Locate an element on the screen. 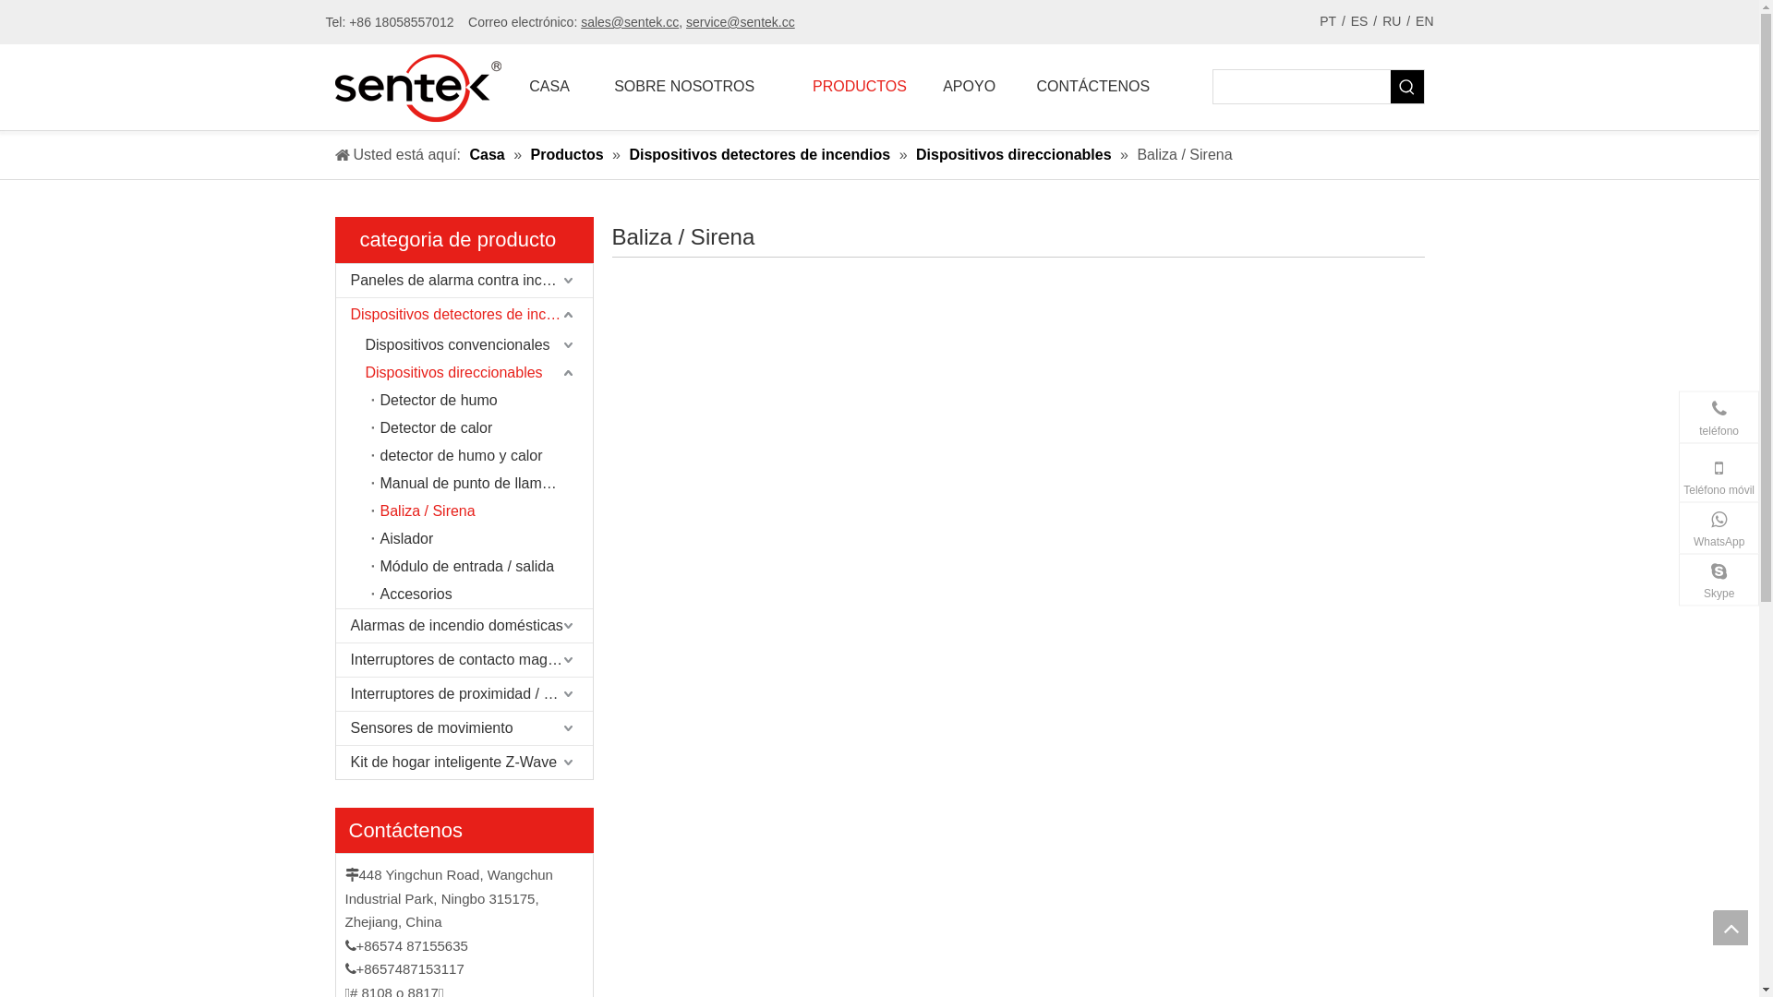  'Interruptores de proximidad / sensores Reed' is located at coordinates (464, 694).